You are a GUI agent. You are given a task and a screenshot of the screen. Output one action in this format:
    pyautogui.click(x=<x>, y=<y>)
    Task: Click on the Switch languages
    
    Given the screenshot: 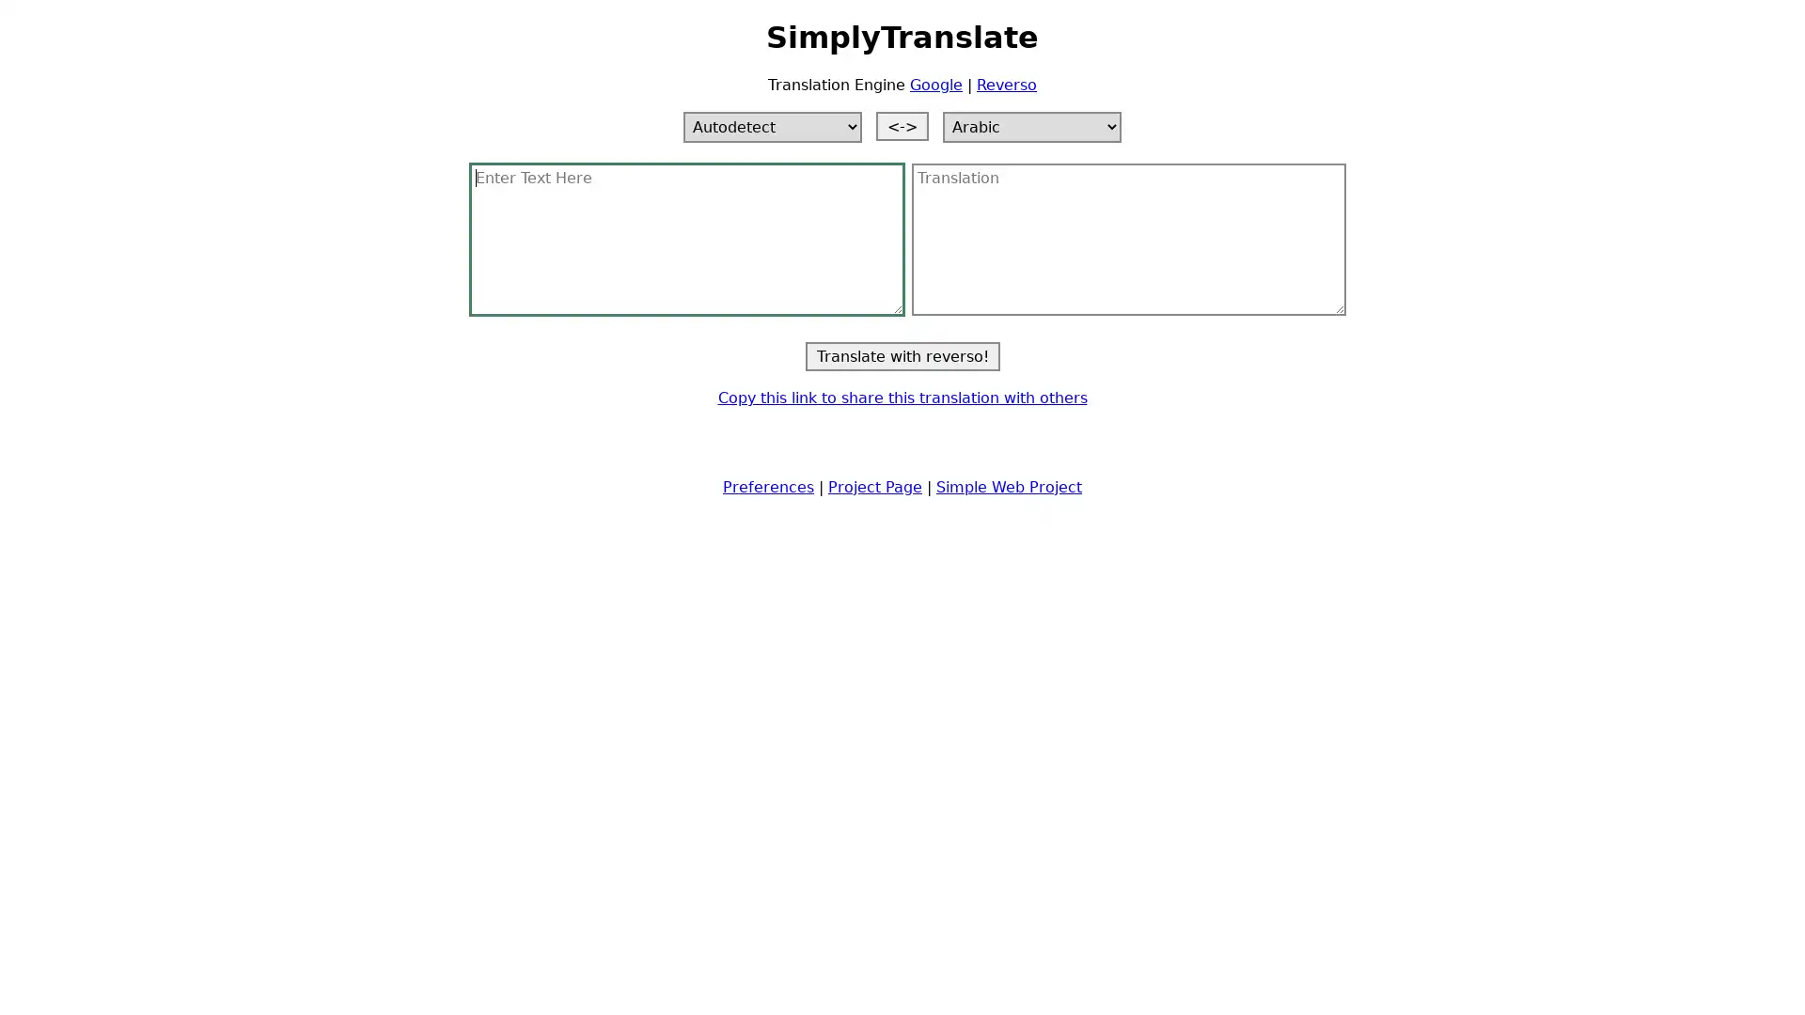 What is the action you would take?
    pyautogui.click(x=902, y=125)
    